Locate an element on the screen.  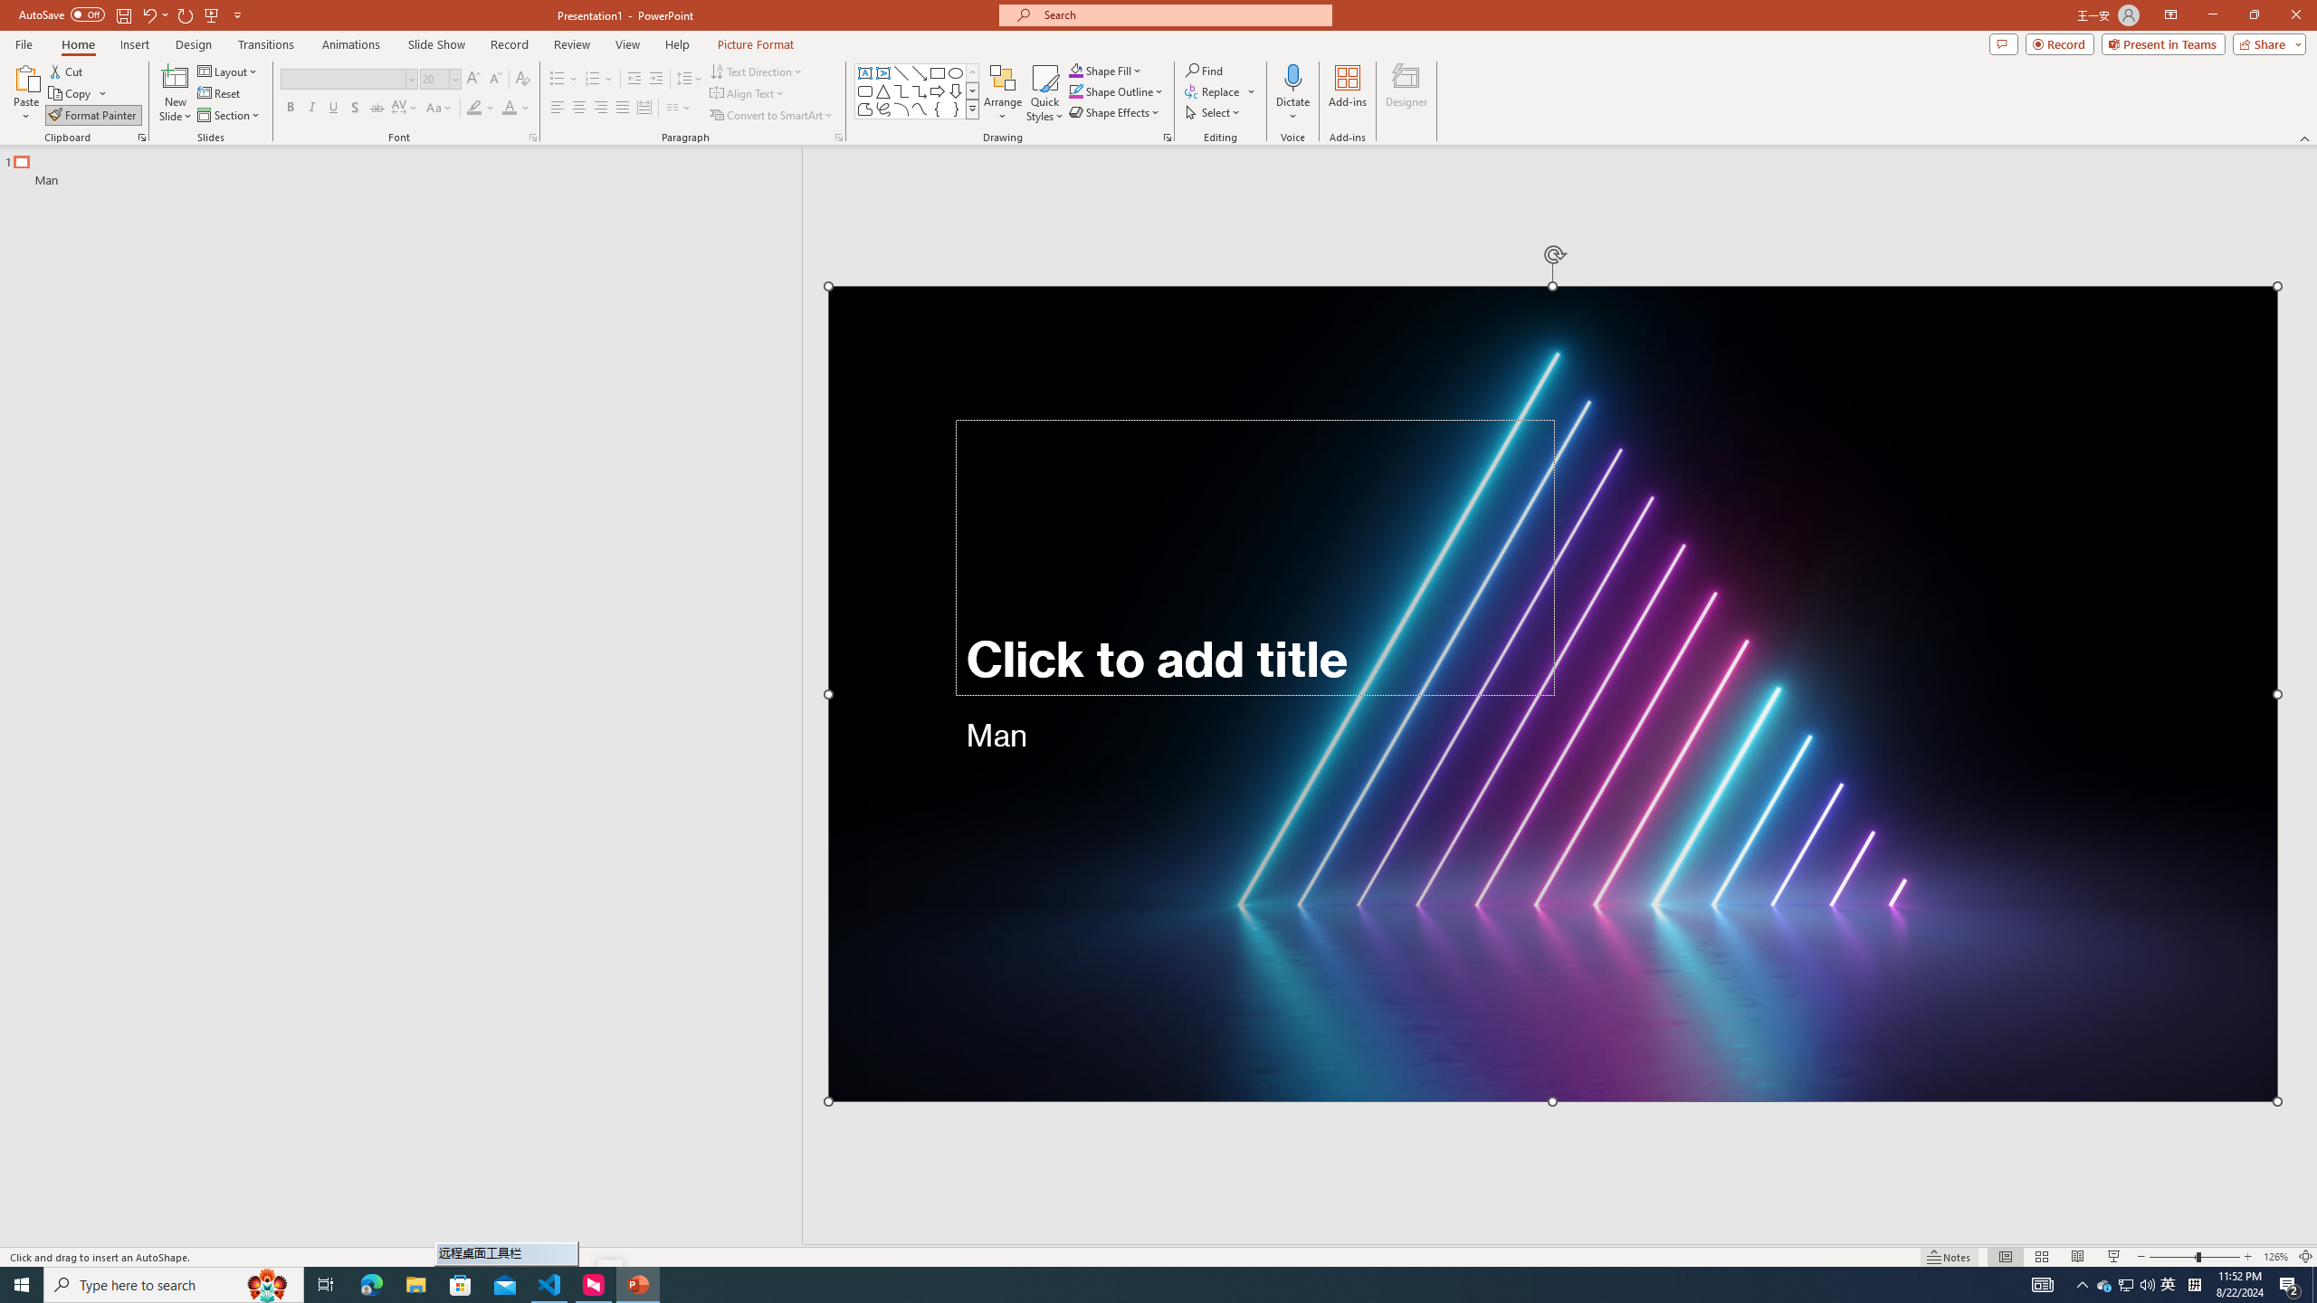
'Designer' is located at coordinates (1406, 93).